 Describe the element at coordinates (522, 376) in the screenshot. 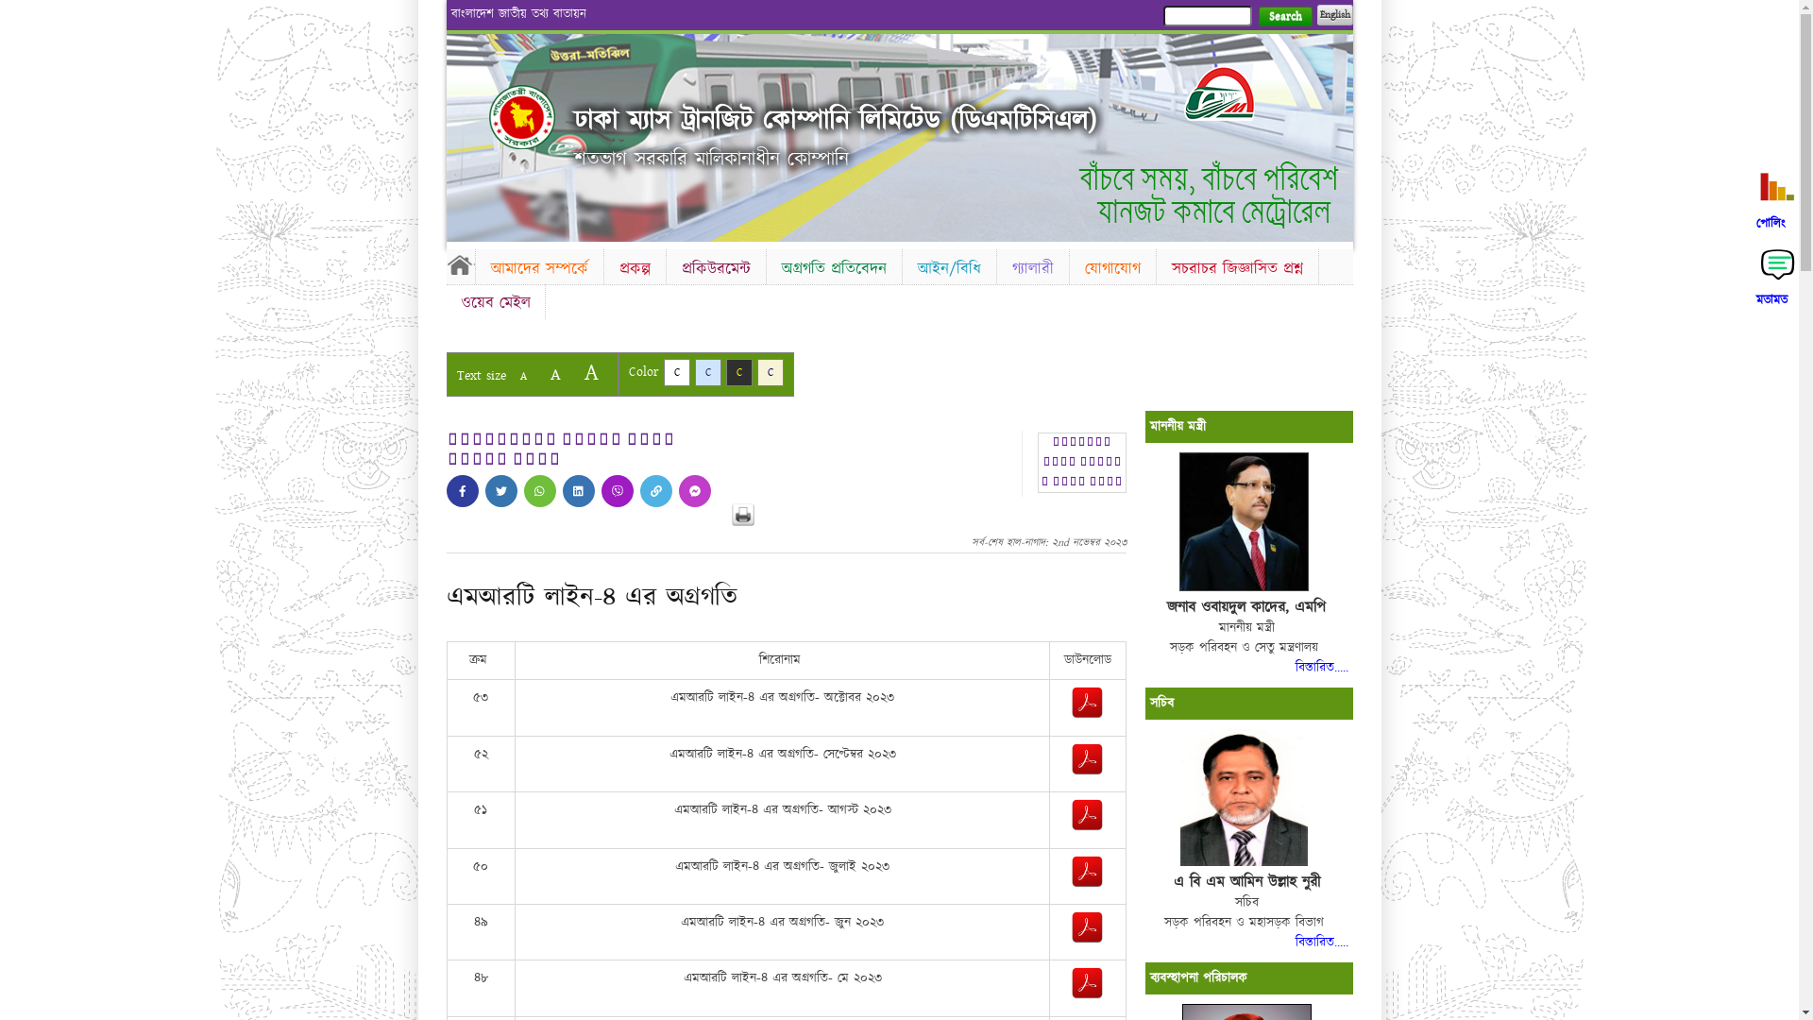

I see `'A'` at that location.